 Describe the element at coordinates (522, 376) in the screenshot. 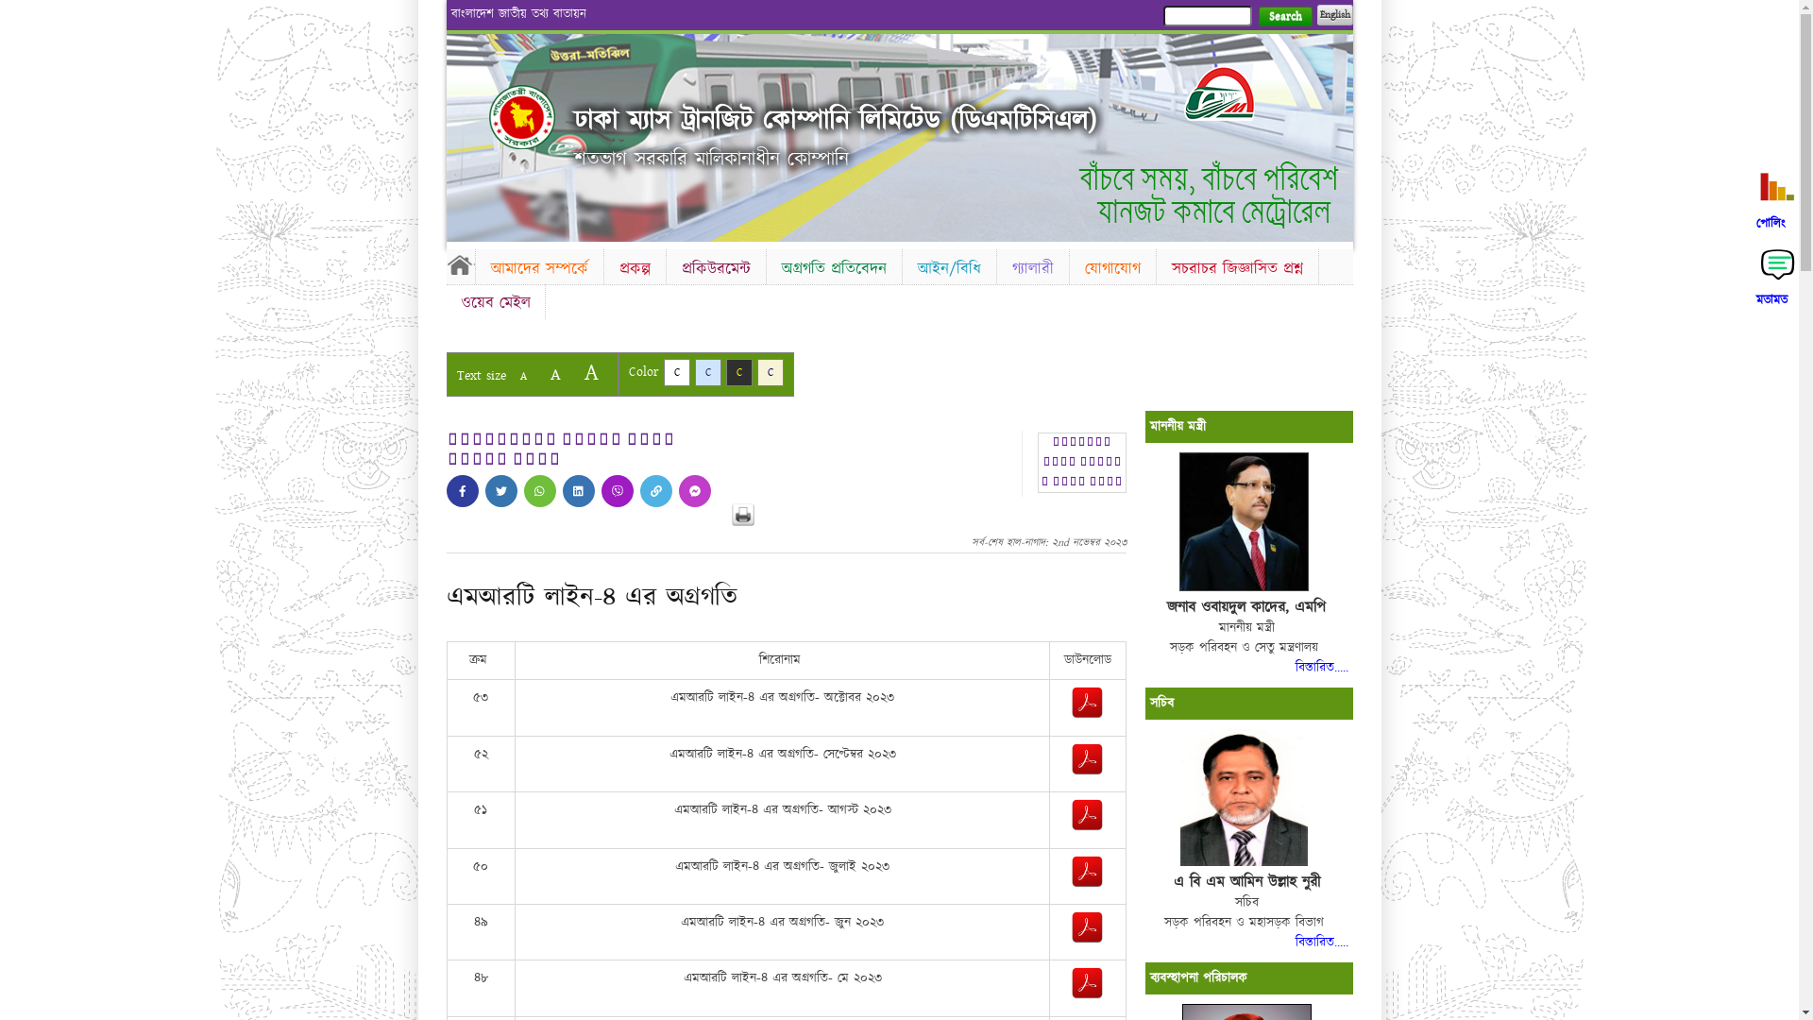

I see `'A'` at that location.